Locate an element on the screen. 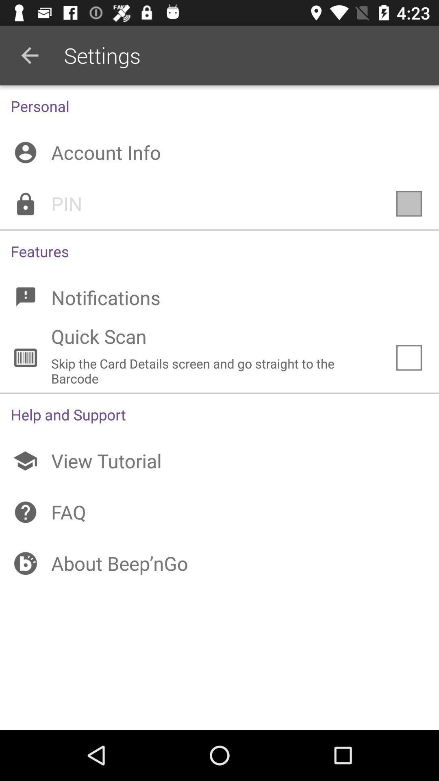 The image size is (439, 781). account info icon is located at coordinates (219, 152).